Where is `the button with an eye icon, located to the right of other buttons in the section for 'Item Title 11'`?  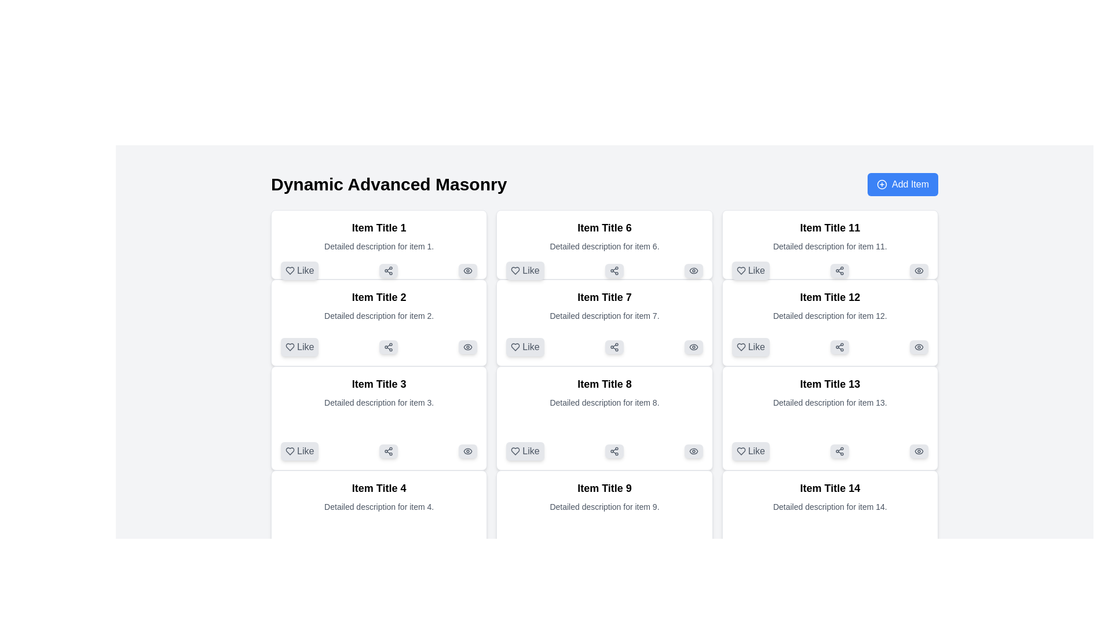
the button with an eye icon, located to the right of other buttons in the section for 'Item Title 11' is located at coordinates (919, 270).